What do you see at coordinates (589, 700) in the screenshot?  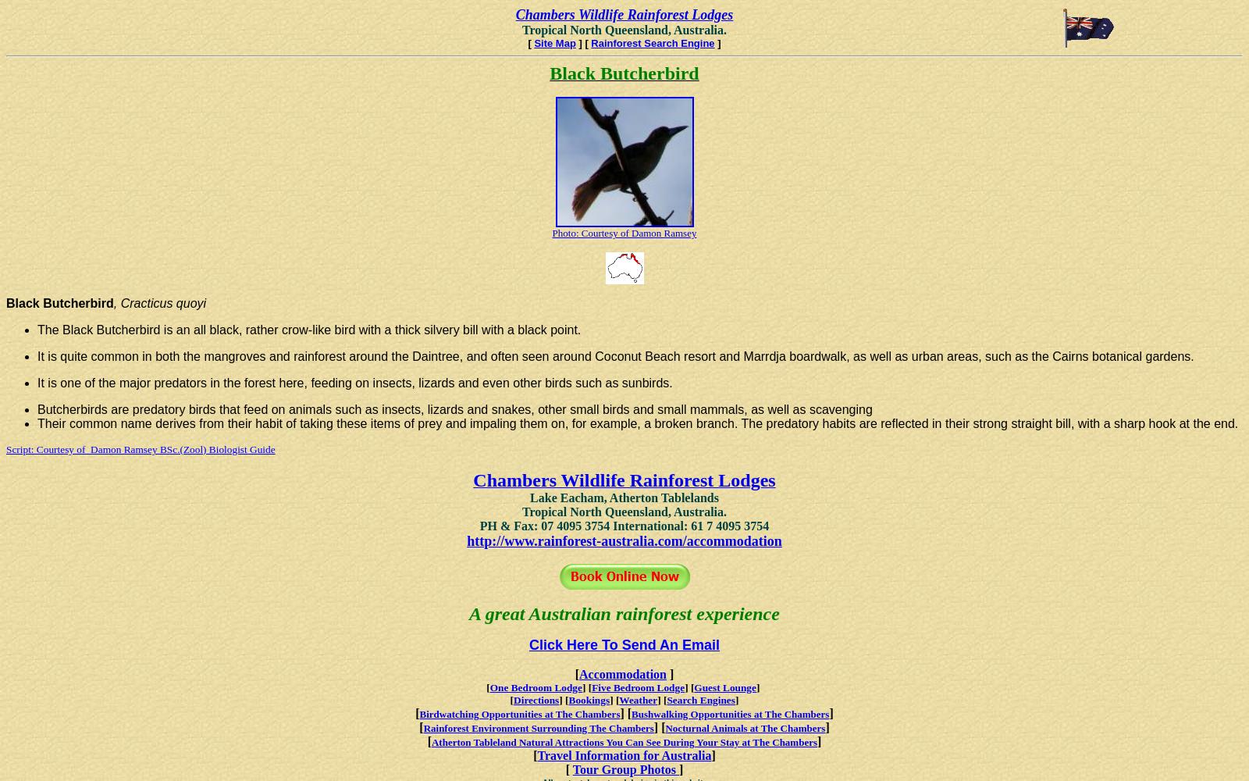 I see `'Bookings'` at bounding box center [589, 700].